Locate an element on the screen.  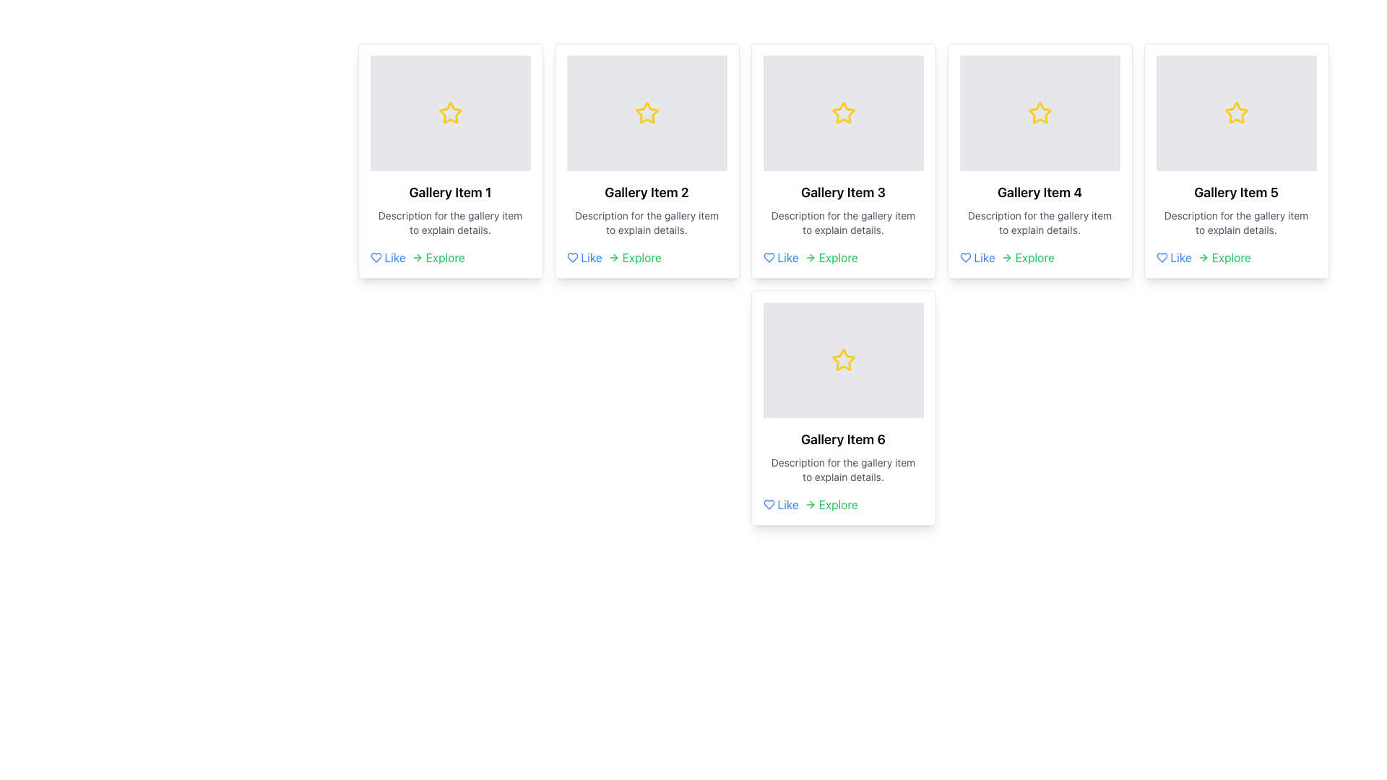
the bright yellow star icon with a hollow center located in the greyed-out preview area of the card titled 'Gallery Item 5' is located at coordinates (1235, 112).